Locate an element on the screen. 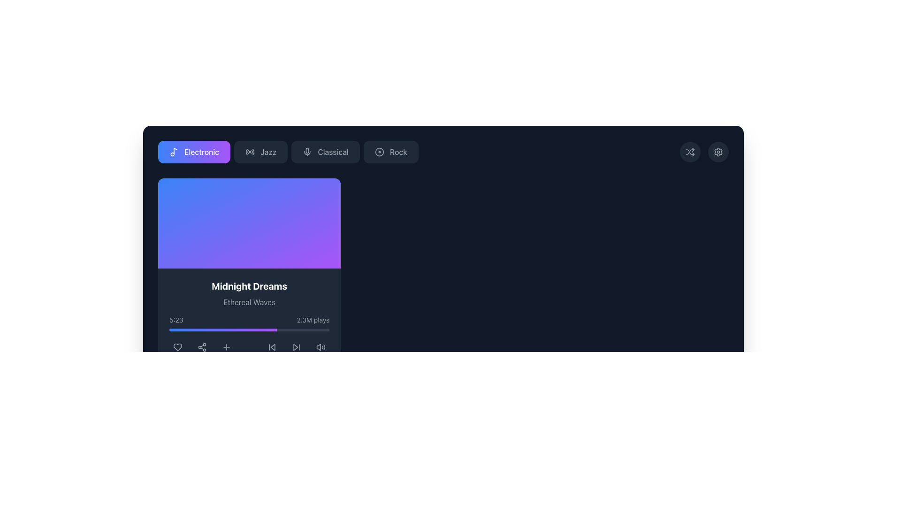 The height and width of the screenshot is (507, 901). the progress bar located in the lower section of the album details card is located at coordinates (249, 323).